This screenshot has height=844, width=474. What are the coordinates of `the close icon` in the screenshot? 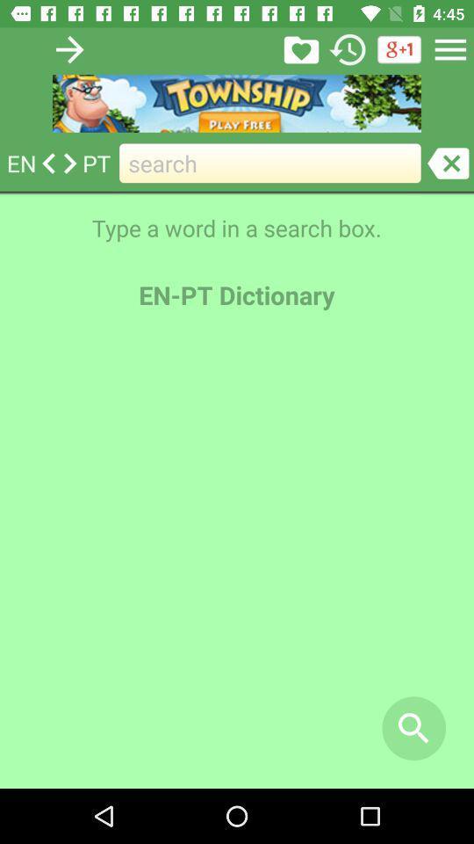 It's located at (448, 163).